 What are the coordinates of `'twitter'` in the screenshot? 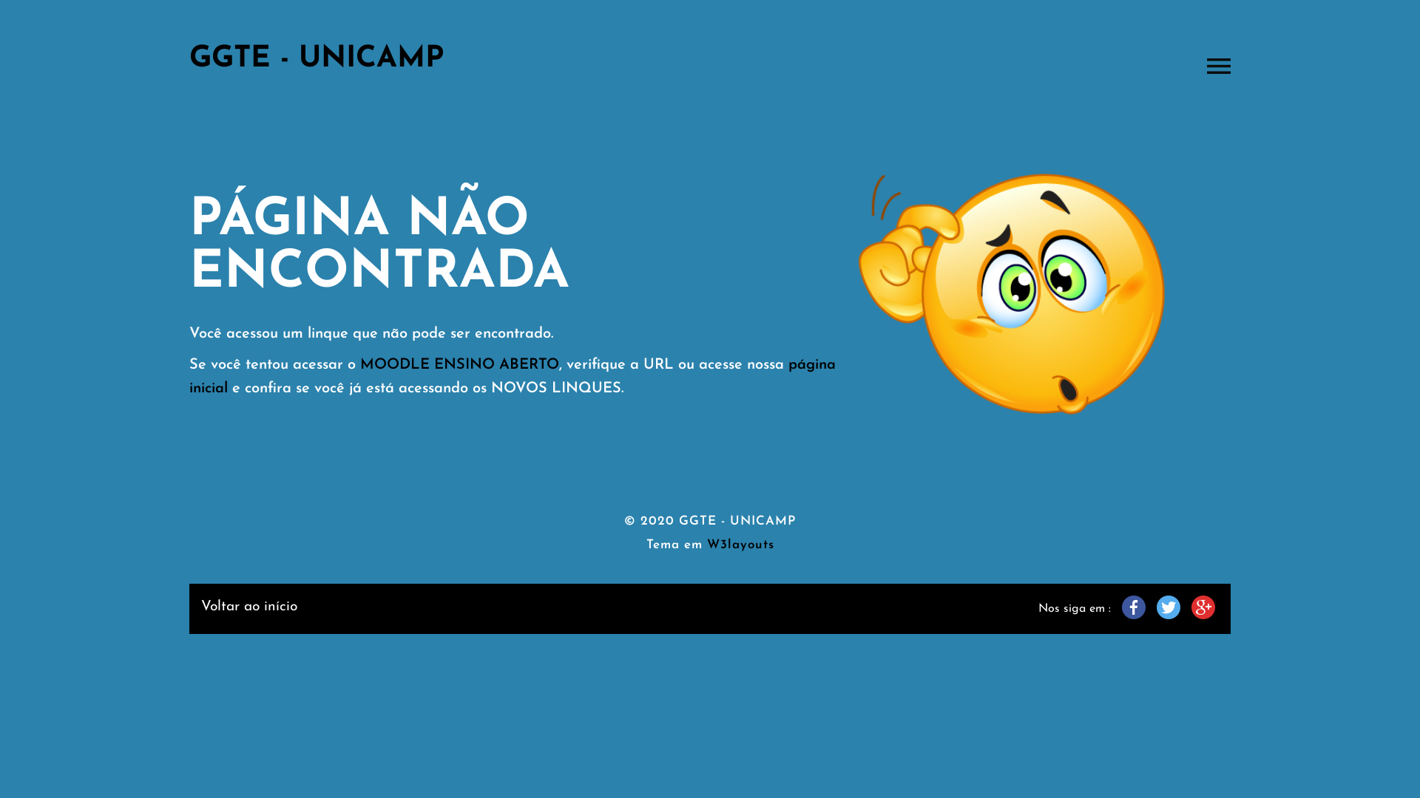 It's located at (1167, 607).